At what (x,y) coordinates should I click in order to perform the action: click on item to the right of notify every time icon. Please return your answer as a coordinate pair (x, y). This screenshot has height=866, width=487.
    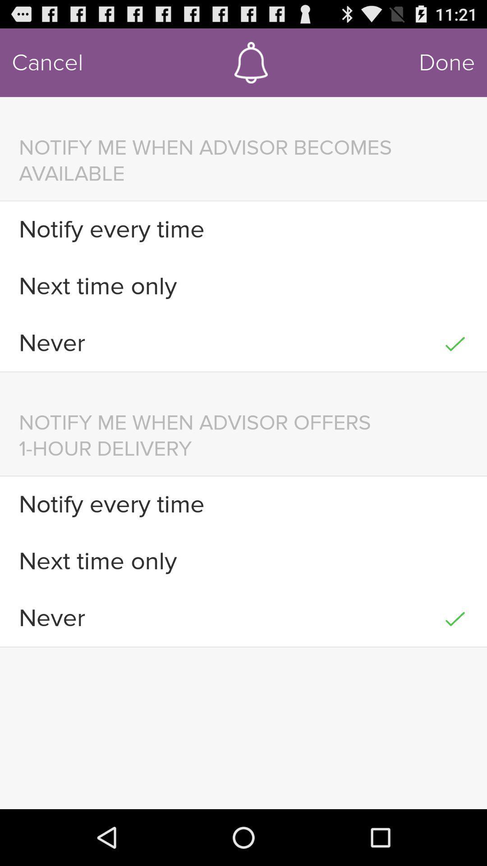
    Looking at the image, I should click on (455, 229).